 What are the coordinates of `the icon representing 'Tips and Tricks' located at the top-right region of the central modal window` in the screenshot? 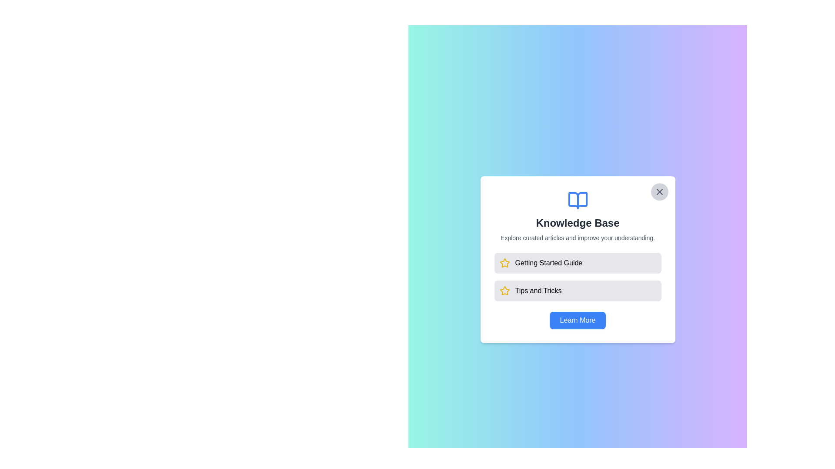 It's located at (504, 291).